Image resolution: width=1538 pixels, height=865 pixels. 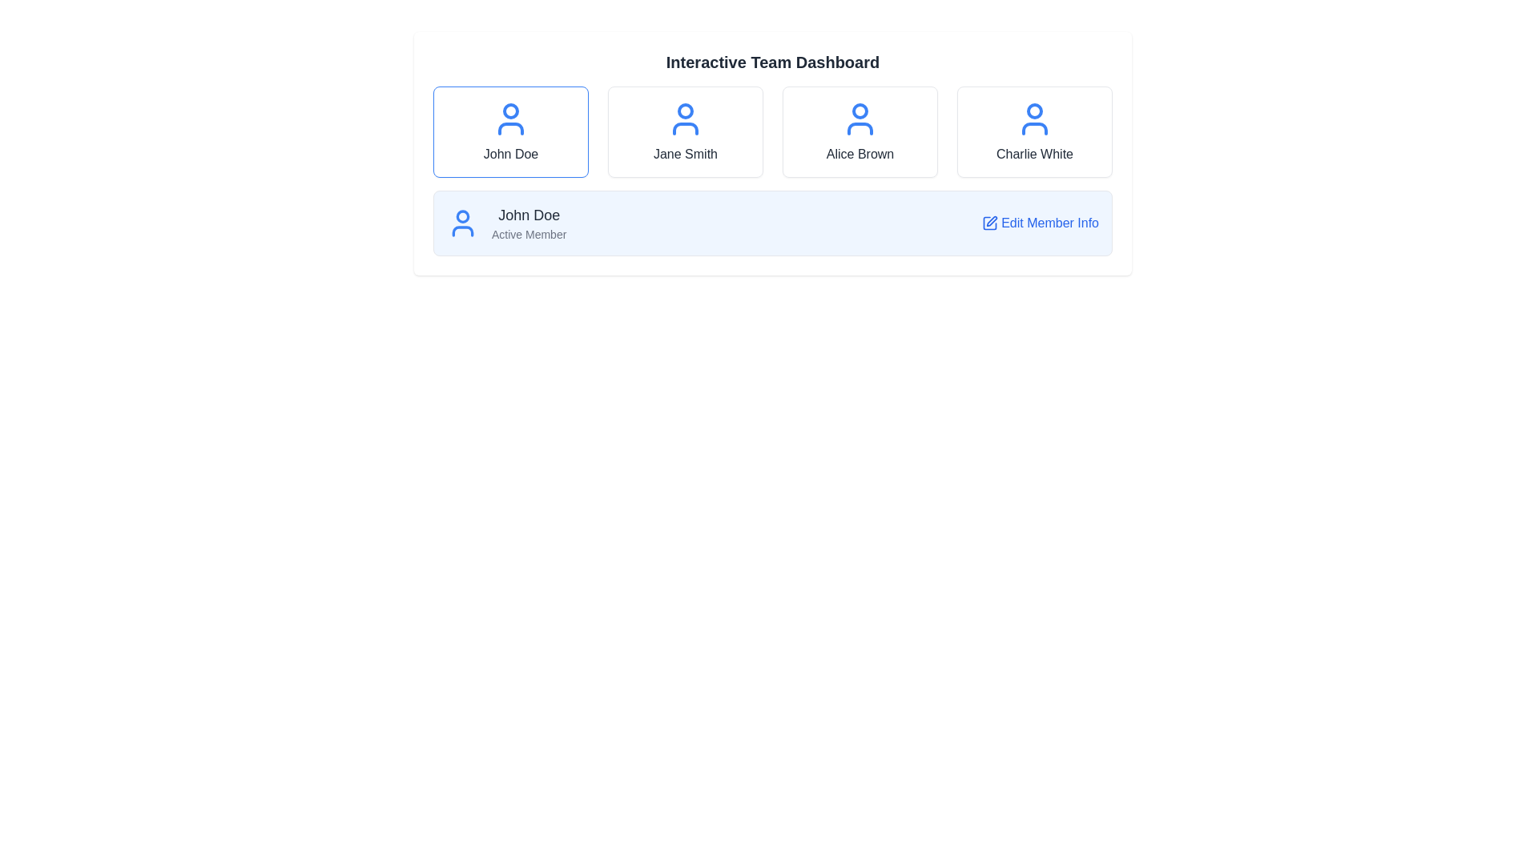 What do you see at coordinates (510, 110) in the screenshot?
I see `the circular shape positioned at the top center of the 'John Doe' icon, which is part of the user profile icon design in the first position among the horizontal row of user icons under the 'Interactive Team Dashboard' heading` at bounding box center [510, 110].